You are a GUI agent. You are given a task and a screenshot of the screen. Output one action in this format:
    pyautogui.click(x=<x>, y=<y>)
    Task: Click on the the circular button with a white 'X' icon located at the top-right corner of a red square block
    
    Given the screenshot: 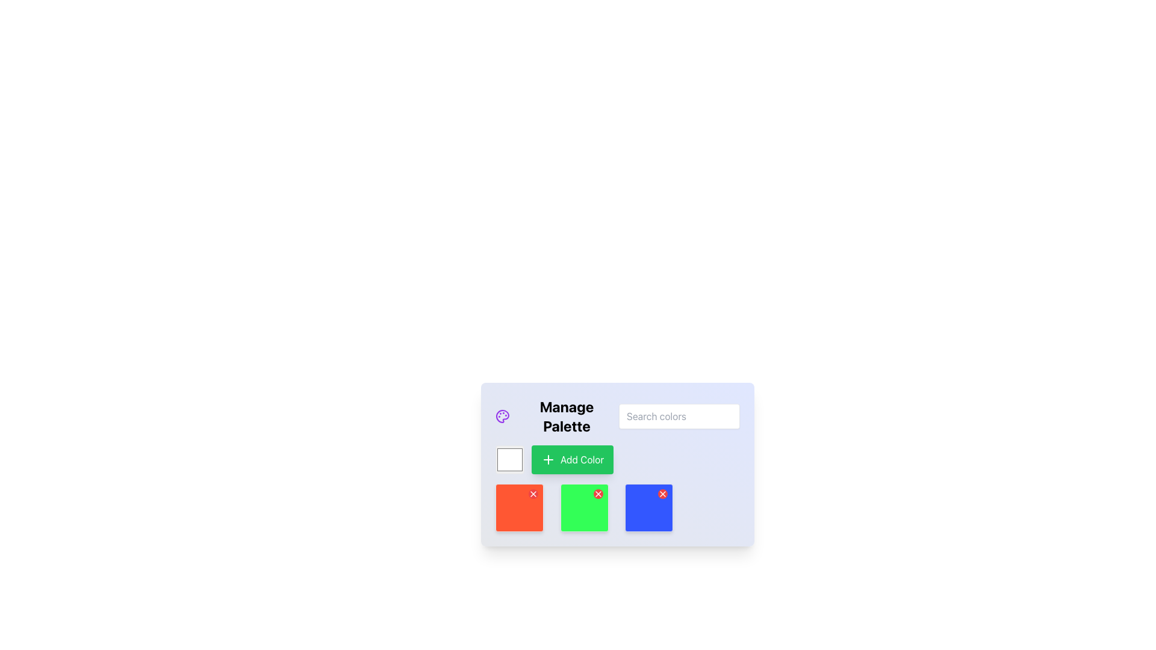 What is the action you would take?
    pyautogui.click(x=533, y=494)
    